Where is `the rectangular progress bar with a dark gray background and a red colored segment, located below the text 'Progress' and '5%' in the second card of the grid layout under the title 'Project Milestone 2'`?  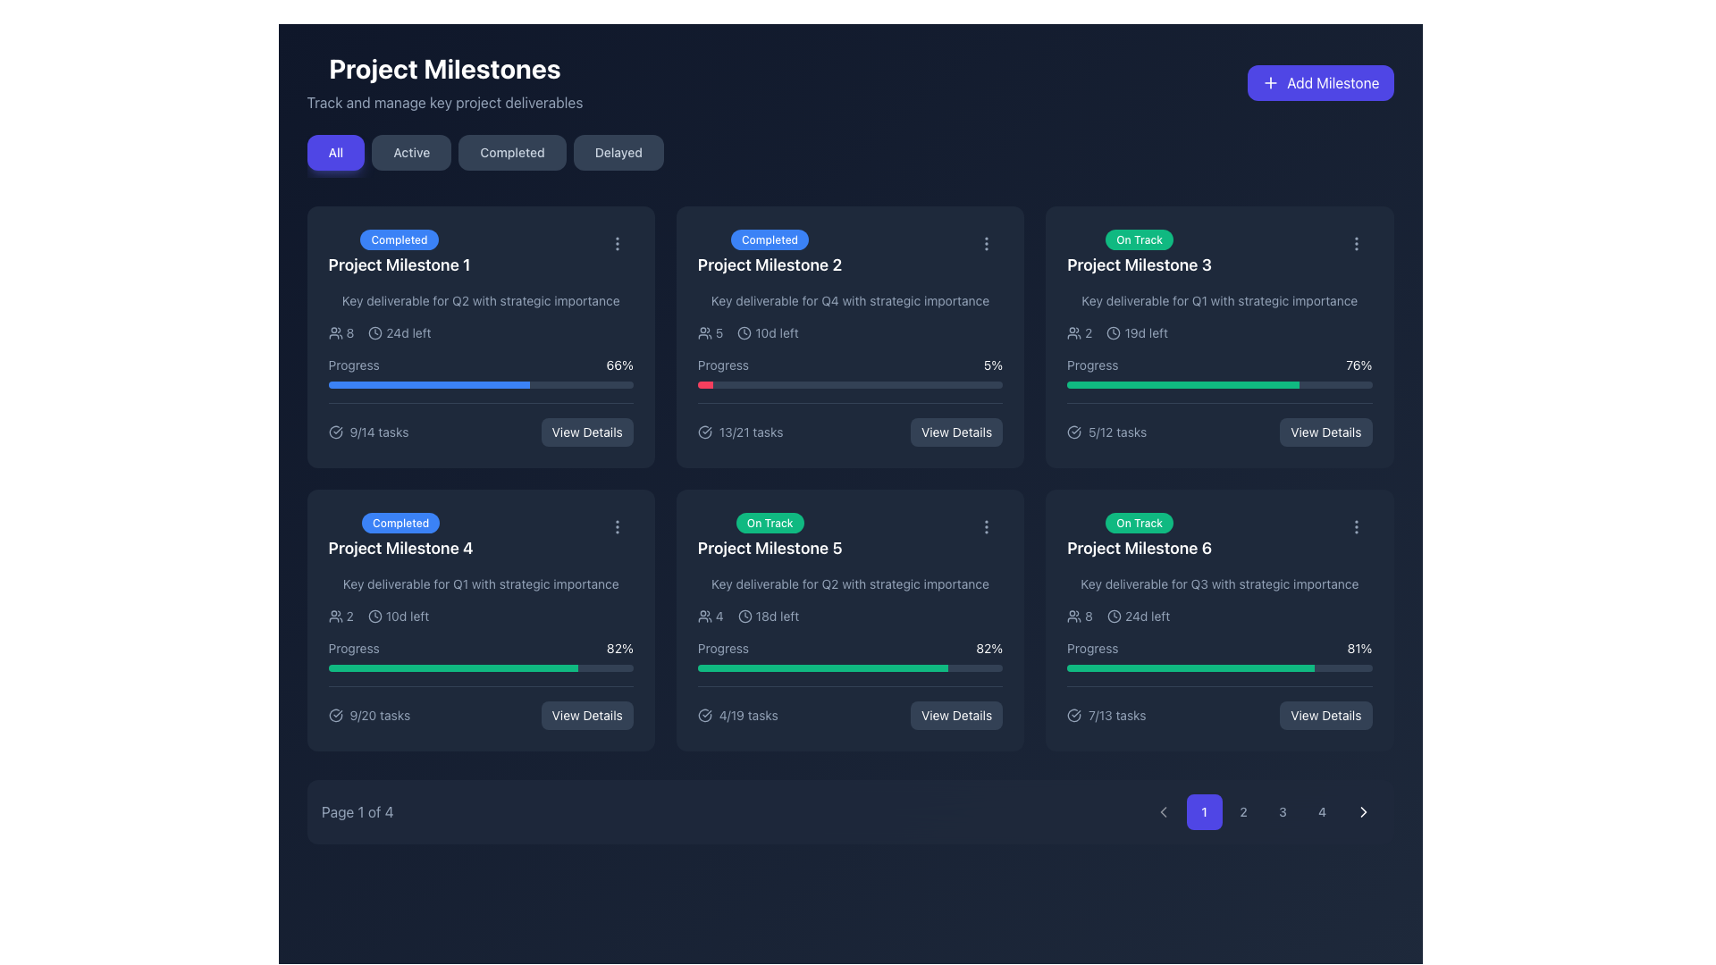 the rectangular progress bar with a dark gray background and a red colored segment, located below the text 'Progress' and '5%' in the second card of the grid layout under the title 'Project Milestone 2' is located at coordinates (849, 384).